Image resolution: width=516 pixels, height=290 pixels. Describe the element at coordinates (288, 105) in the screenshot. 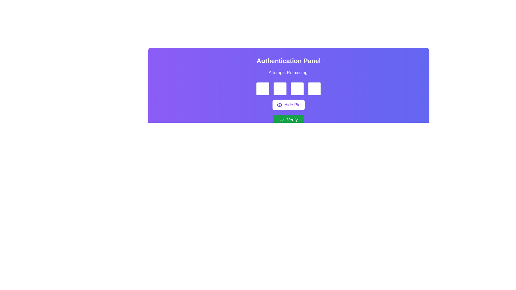

I see `the button in the 'Authentication Panel'` at that location.